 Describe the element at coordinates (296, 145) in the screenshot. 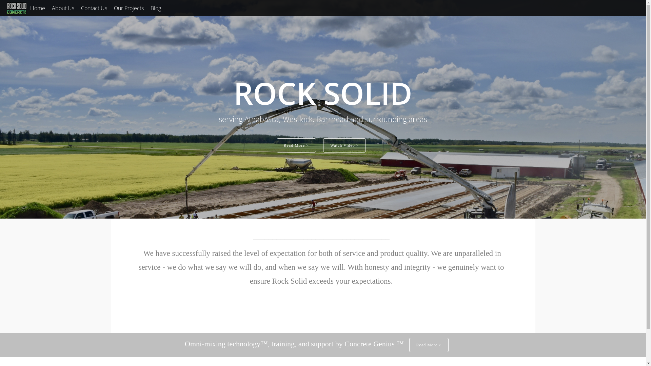

I see `'Read More >'` at that location.